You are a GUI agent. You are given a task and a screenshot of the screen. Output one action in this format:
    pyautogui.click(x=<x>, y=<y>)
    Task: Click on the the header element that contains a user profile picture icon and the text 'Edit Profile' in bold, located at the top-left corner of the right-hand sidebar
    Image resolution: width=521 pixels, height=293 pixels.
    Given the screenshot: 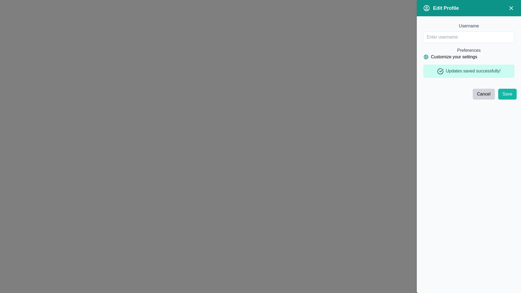 What is the action you would take?
    pyautogui.click(x=441, y=8)
    